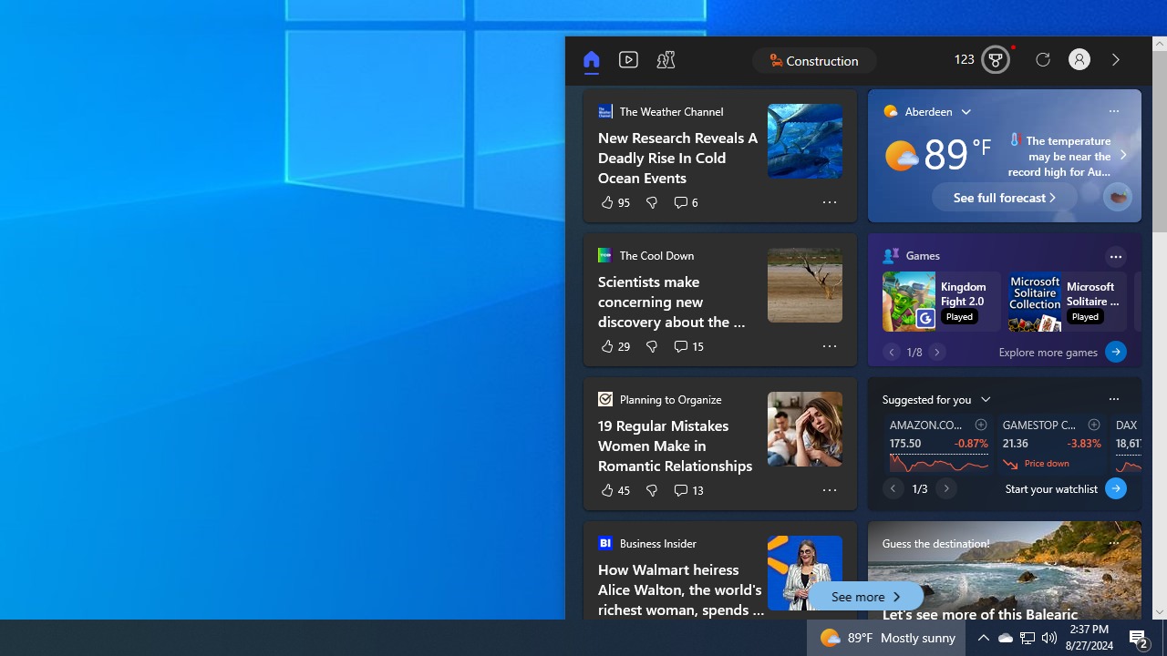 Image resolution: width=1167 pixels, height=656 pixels. I want to click on 'Microsoft Rewards', so click(983, 58).